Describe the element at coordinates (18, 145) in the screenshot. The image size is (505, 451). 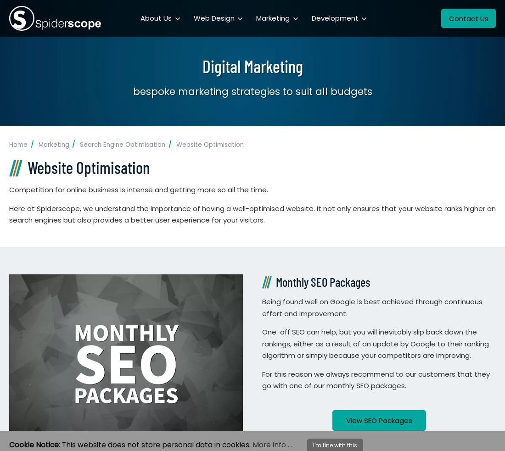
I see `'Home'` at that location.